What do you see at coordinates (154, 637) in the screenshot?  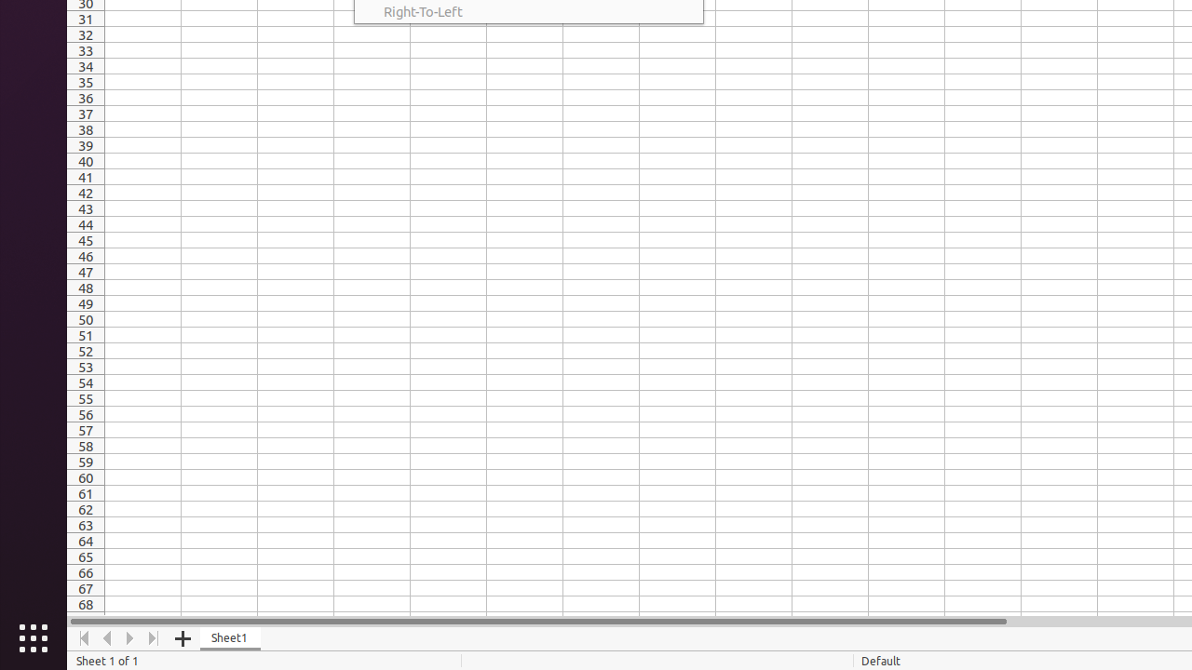 I see `'Move To End'` at bounding box center [154, 637].